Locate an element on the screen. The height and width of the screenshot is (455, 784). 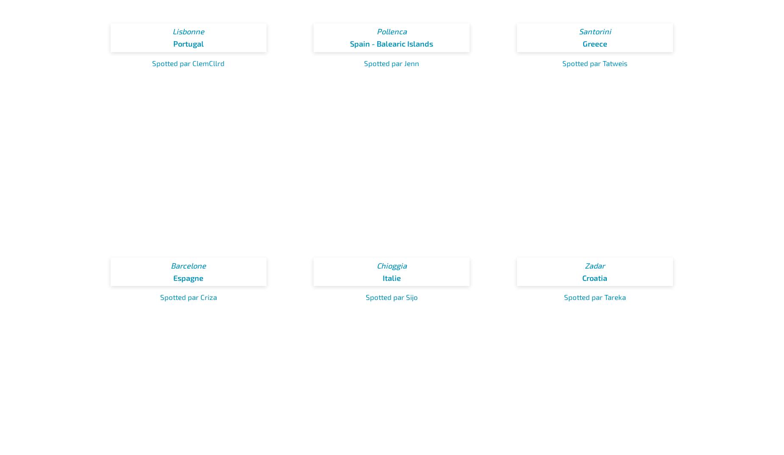
'Barcelone' is located at coordinates (188, 266).